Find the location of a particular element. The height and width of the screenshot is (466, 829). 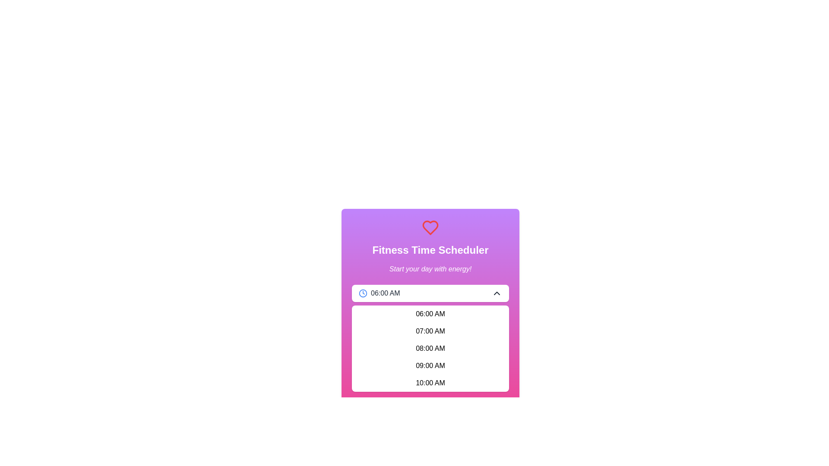

the selectable time option (08:00 AM) in the dropdown menu is located at coordinates (430, 348).